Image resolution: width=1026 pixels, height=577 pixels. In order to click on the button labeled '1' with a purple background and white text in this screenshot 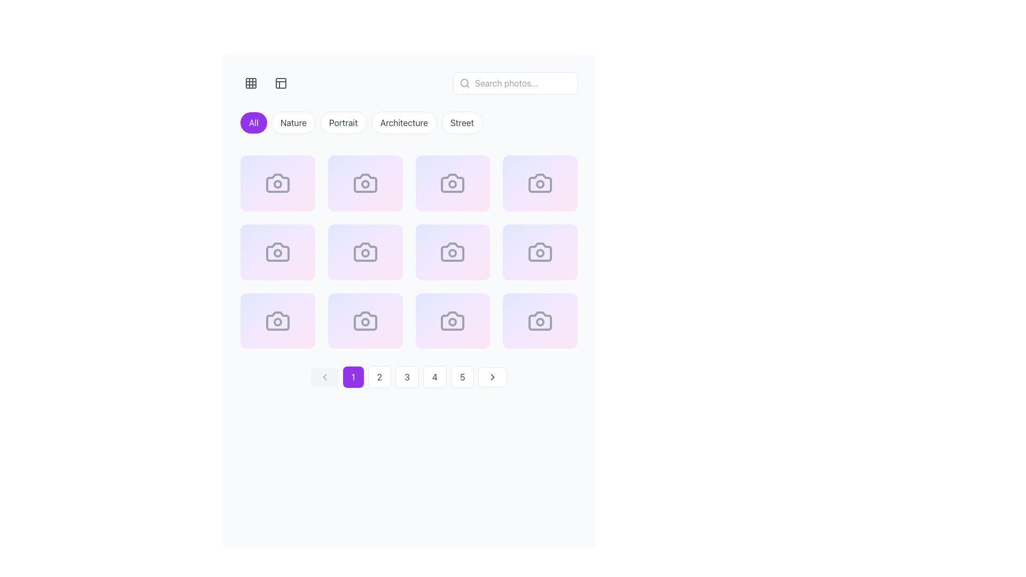, I will do `click(353, 377)`.